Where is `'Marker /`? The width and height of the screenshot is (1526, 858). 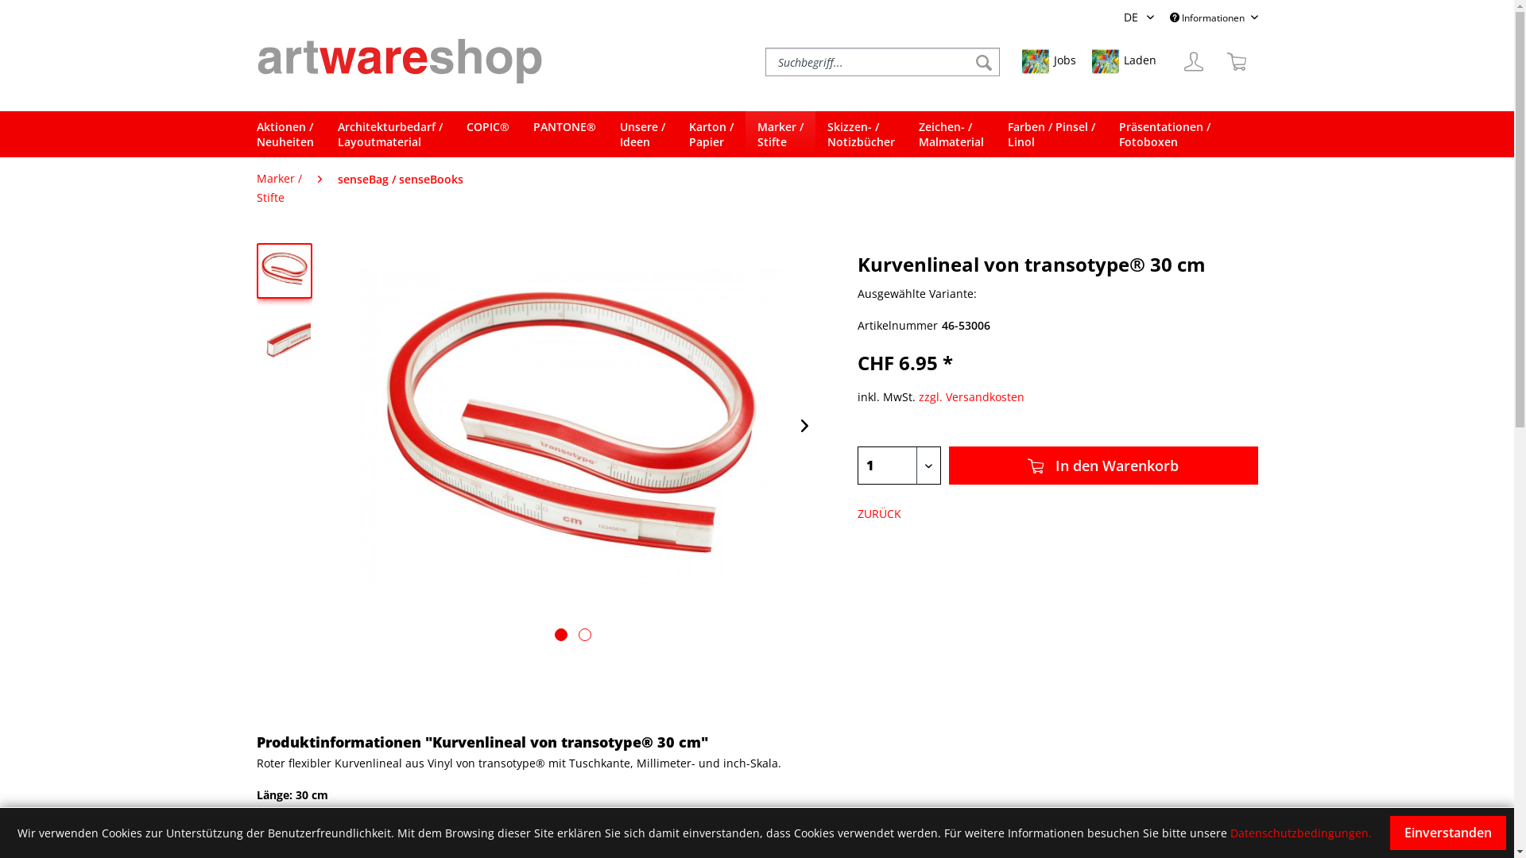
'Marker / is located at coordinates (278, 187).